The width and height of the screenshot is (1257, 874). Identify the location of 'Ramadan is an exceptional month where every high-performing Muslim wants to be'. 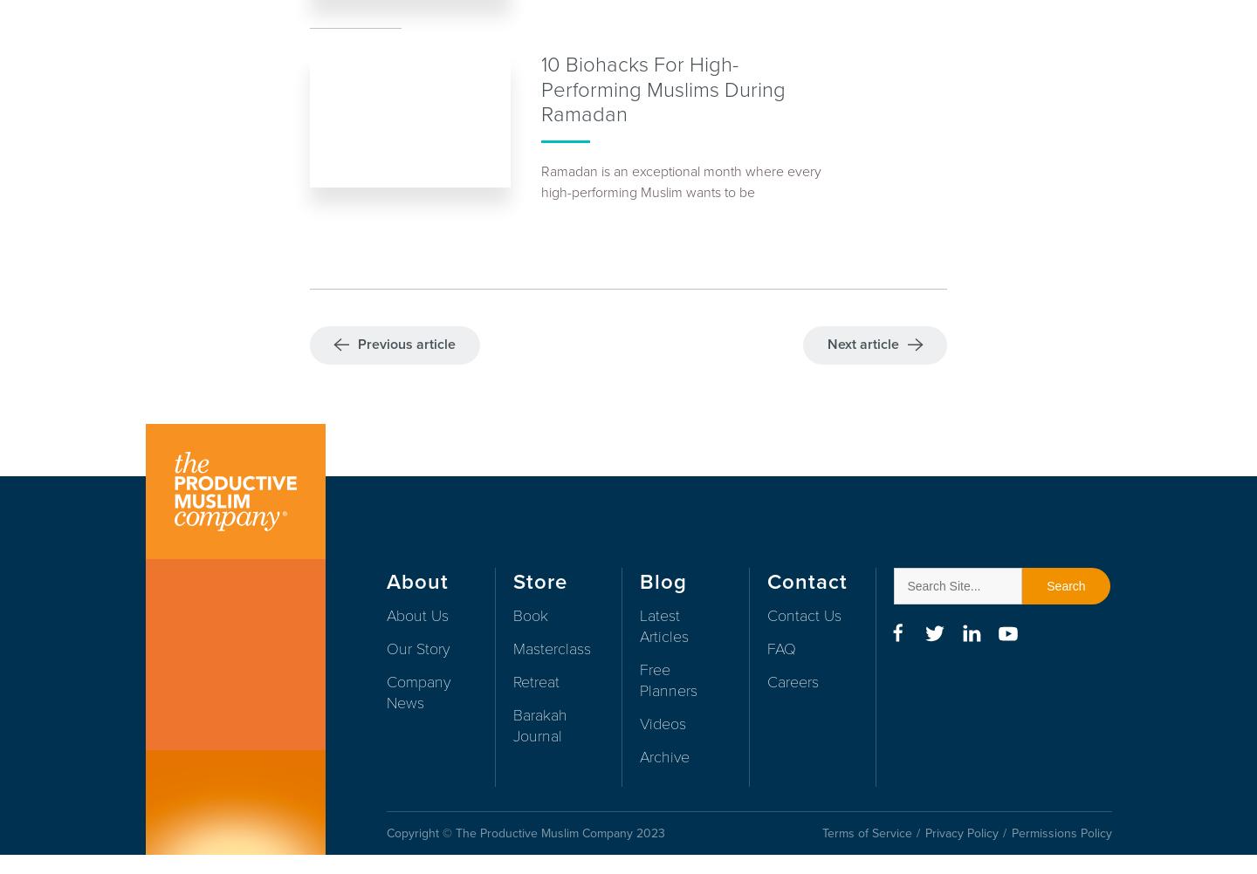
(680, 182).